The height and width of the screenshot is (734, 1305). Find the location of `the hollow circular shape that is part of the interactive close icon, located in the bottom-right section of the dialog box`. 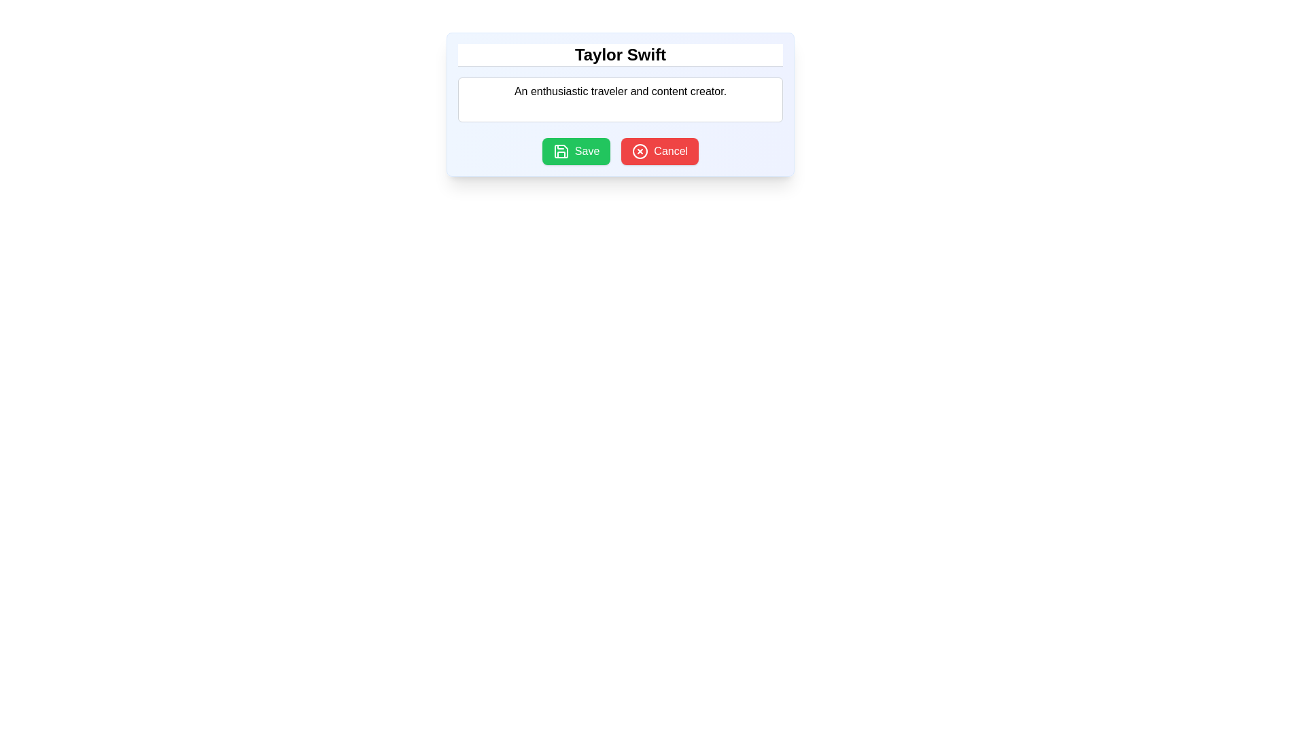

the hollow circular shape that is part of the interactive close icon, located in the bottom-right section of the dialog box is located at coordinates (640, 152).